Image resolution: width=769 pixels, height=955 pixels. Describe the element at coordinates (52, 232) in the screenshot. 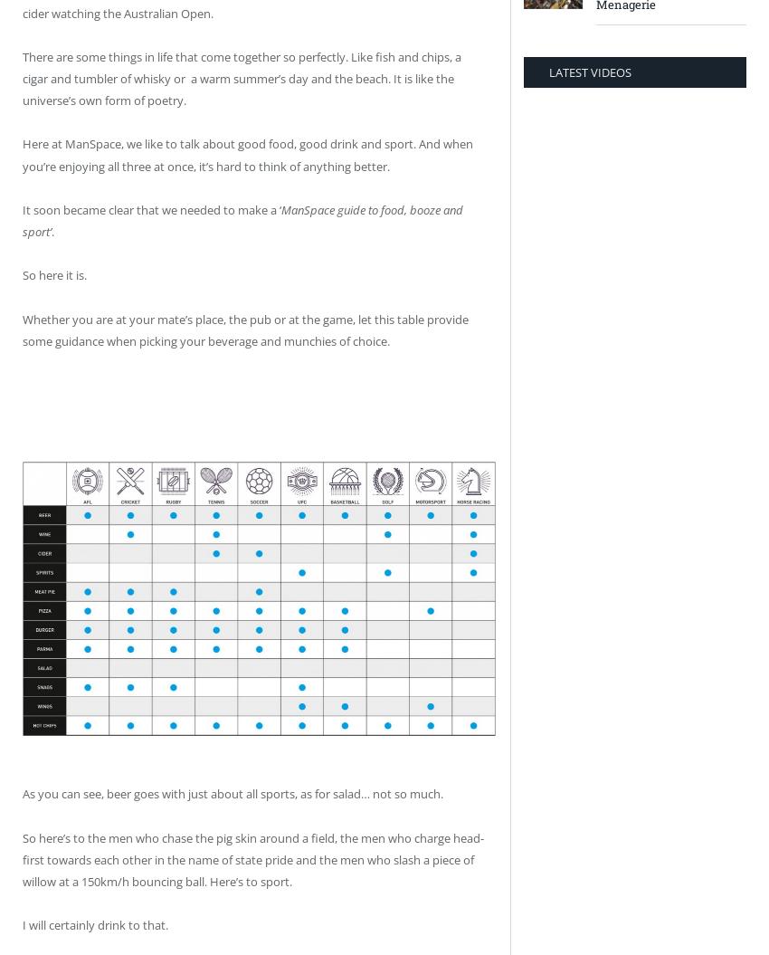

I see `'.'` at that location.